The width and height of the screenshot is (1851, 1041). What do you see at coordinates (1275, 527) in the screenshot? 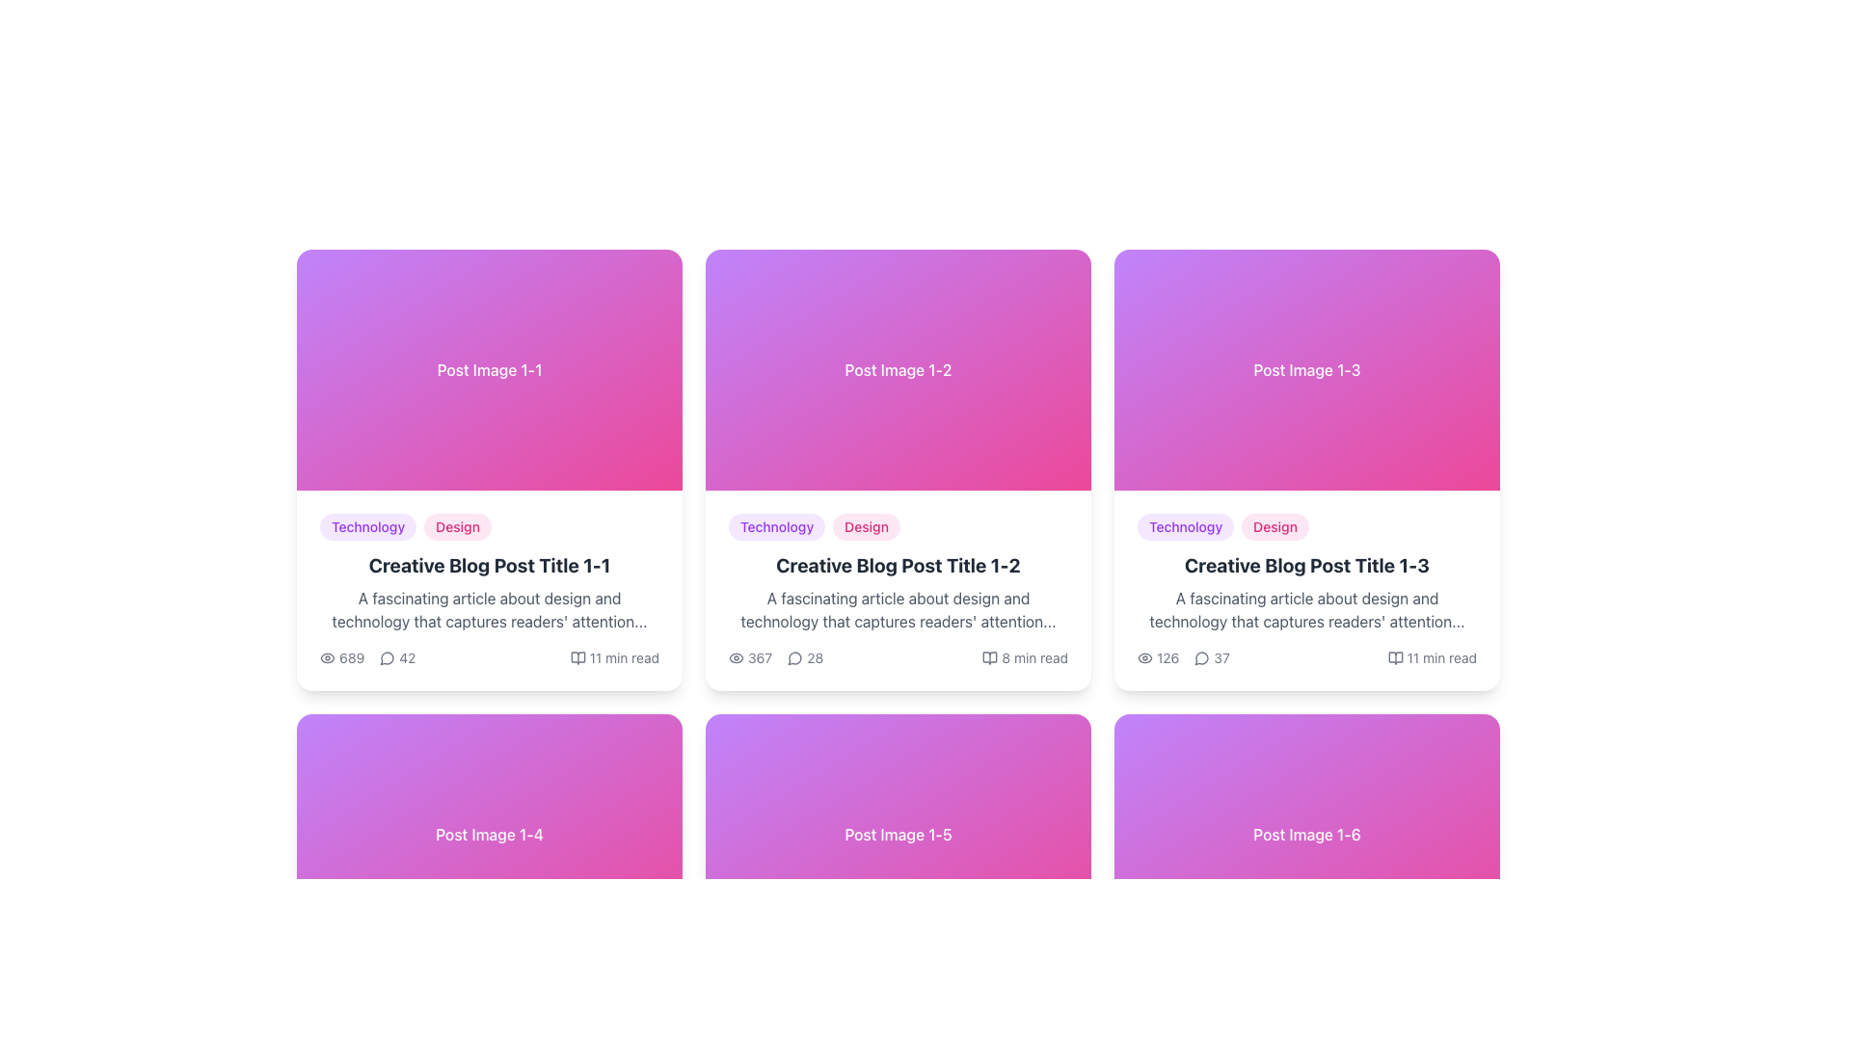
I see `the pill-shaped text badge labeled 'Design' which has pink text on a light pink background, located to the right of the 'Technology' badge, above the blog post title 'Creative Blog Post Title 1-3'` at bounding box center [1275, 527].